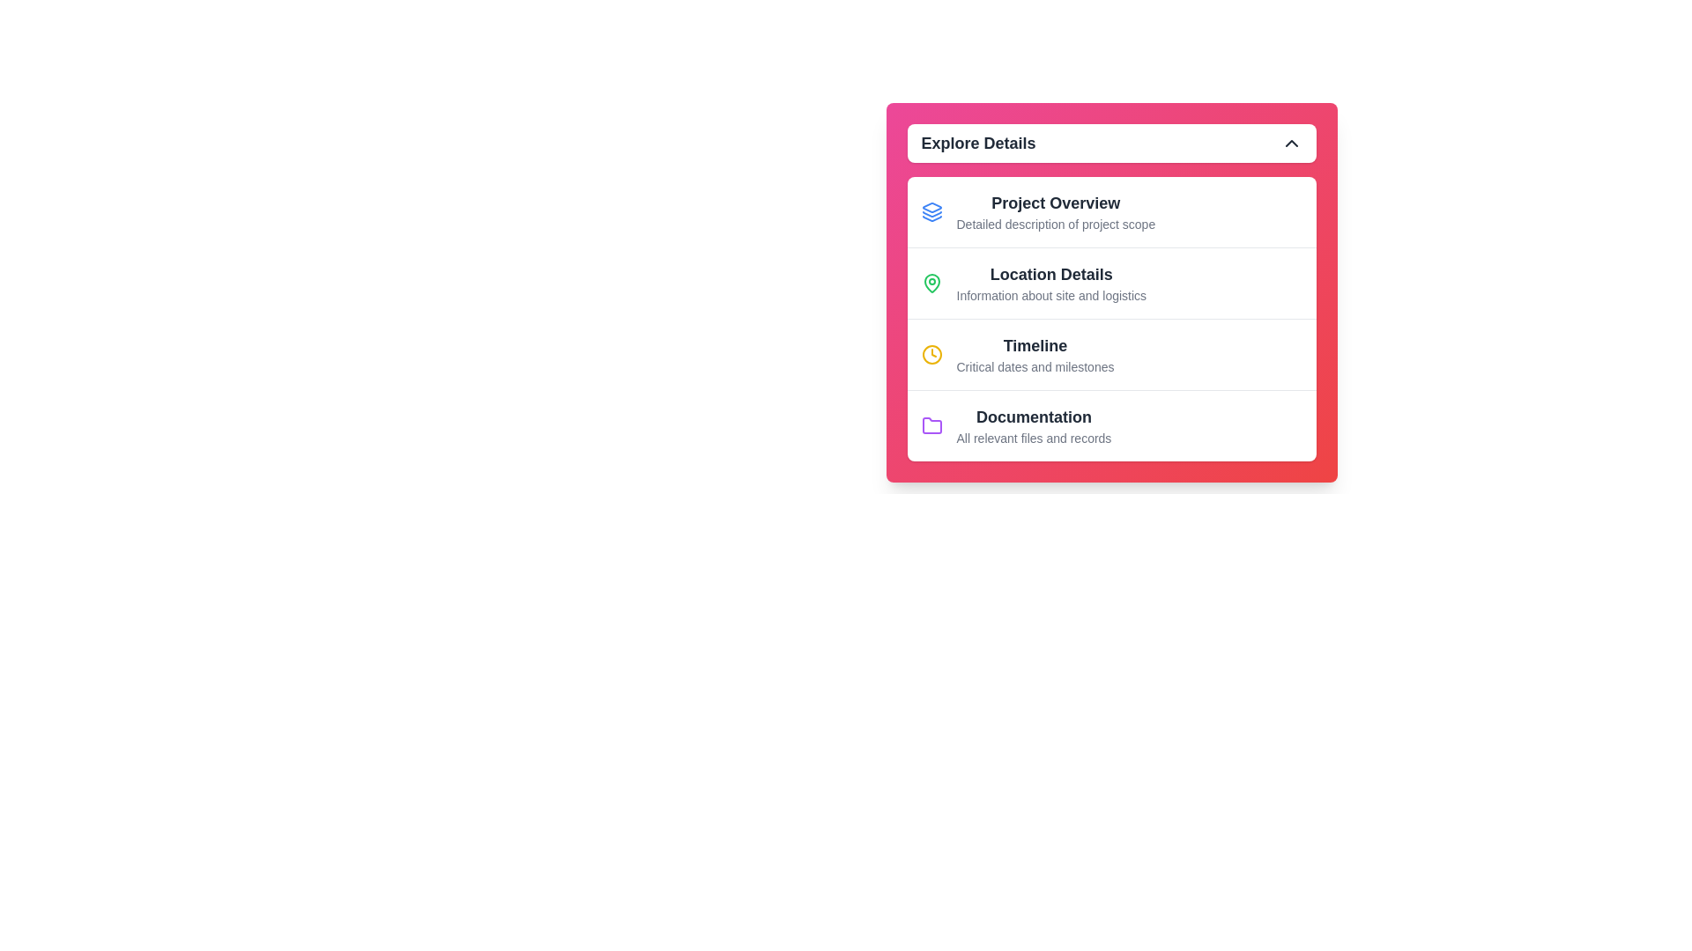 Image resolution: width=1692 pixels, height=951 pixels. What do you see at coordinates (1056, 203) in the screenshot?
I see `text label that serves as the heading for the subsection in the 'Explore Details' card to understand its context` at bounding box center [1056, 203].